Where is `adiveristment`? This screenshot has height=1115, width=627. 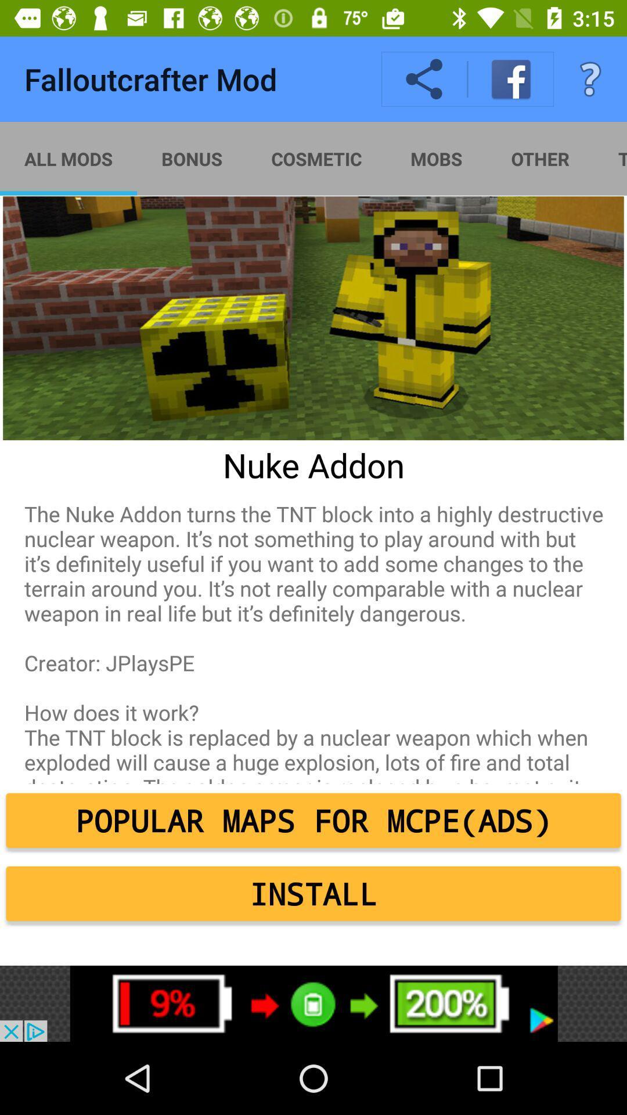
adiveristment is located at coordinates (313, 1003).